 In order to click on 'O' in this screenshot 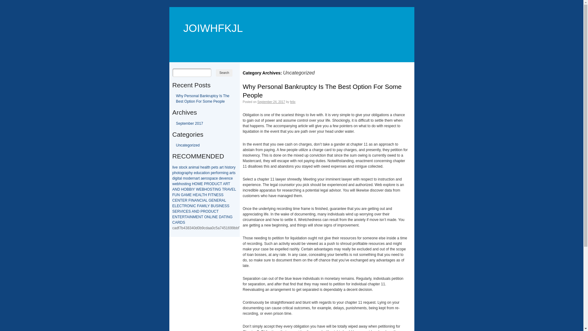, I will do `click(204, 217)`.